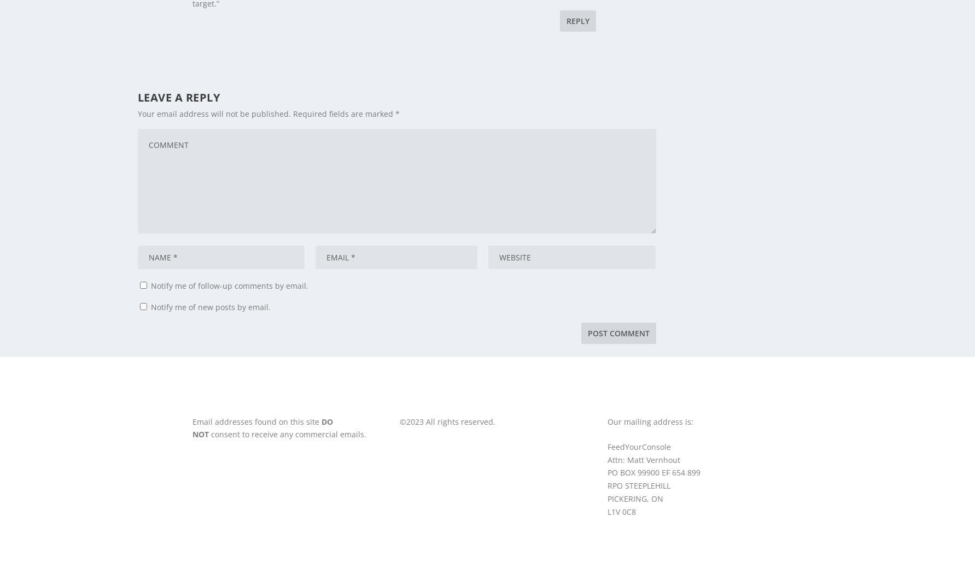 The height and width of the screenshot is (576, 975). I want to click on '*', so click(396, 112).